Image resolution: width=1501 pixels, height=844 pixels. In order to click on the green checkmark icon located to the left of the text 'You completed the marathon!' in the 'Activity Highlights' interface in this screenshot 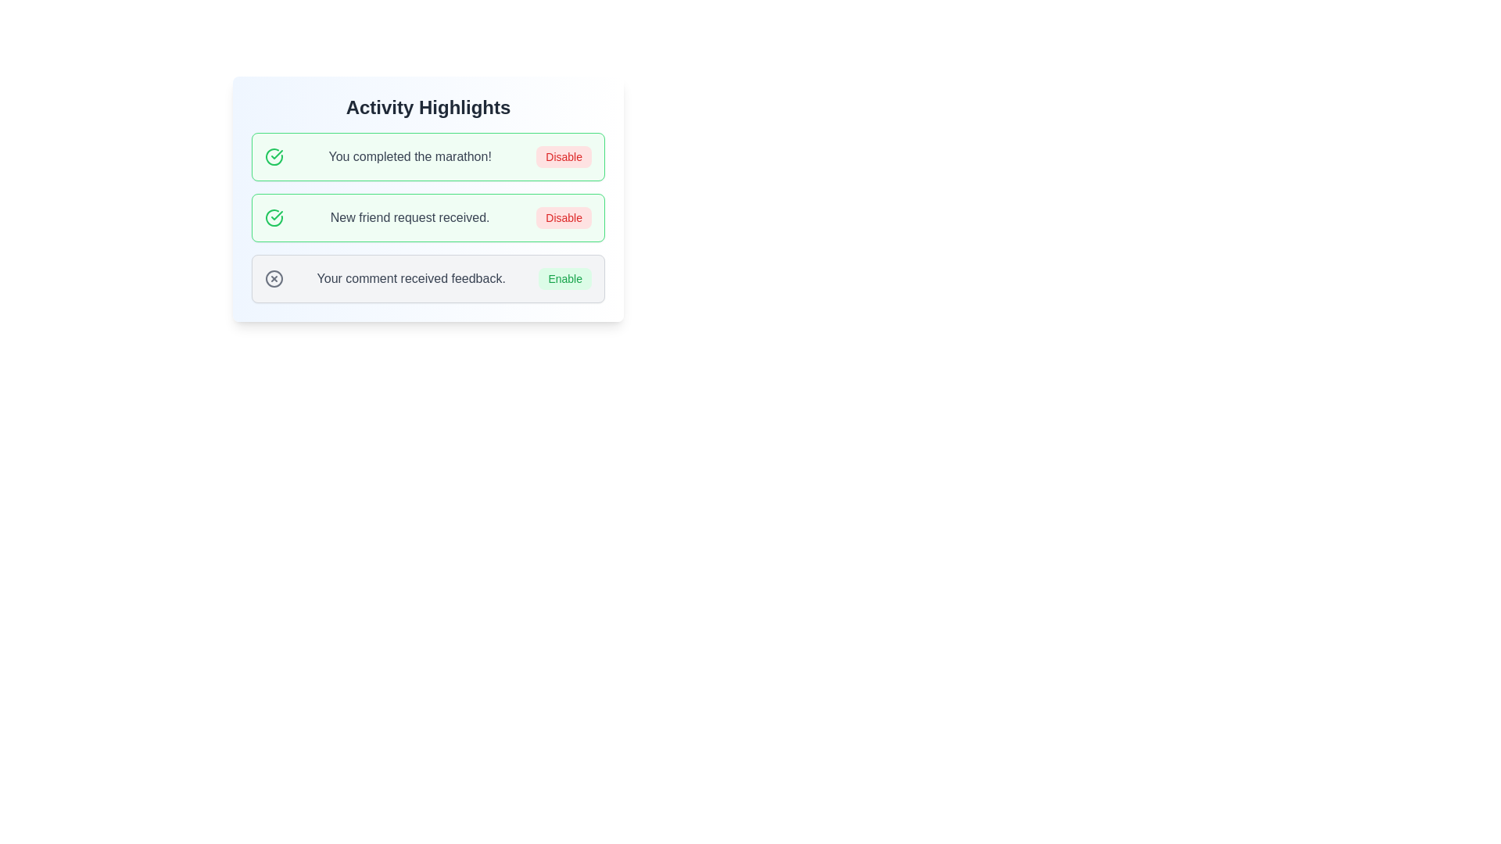, I will do `click(277, 216)`.